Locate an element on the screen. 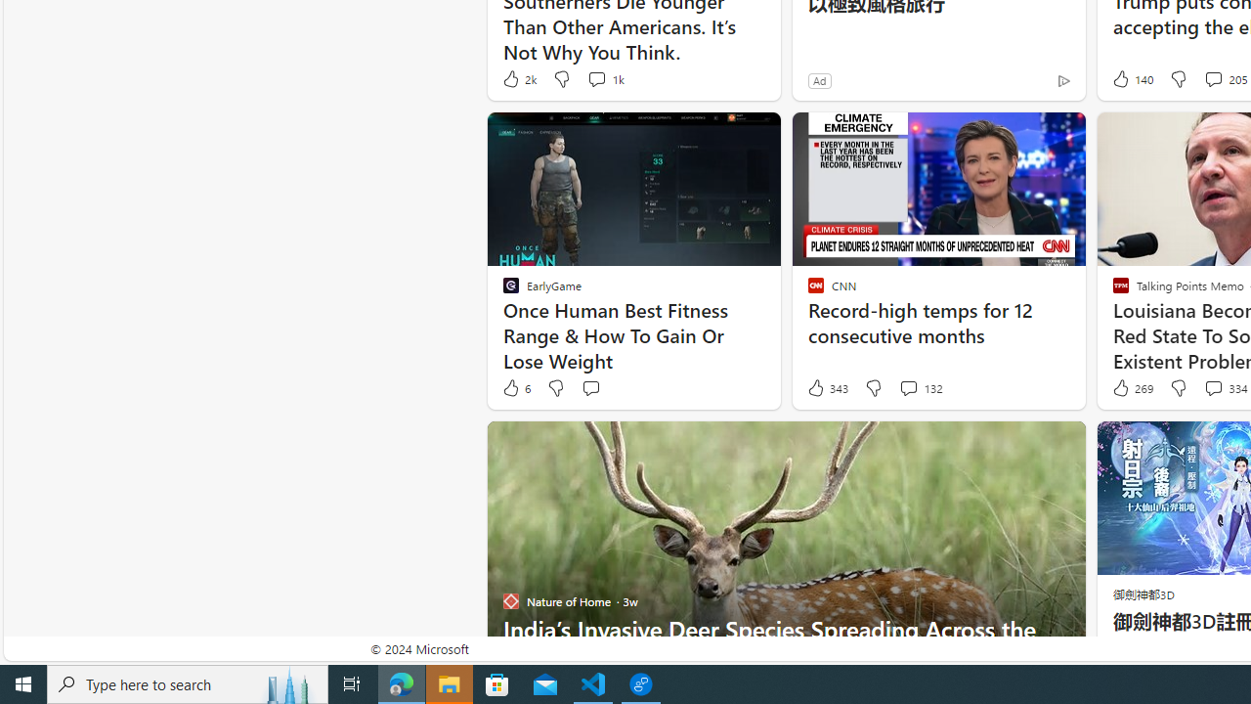 This screenshot has height=704, width=1251. '343 Like' is located at coordinates (827, 388).